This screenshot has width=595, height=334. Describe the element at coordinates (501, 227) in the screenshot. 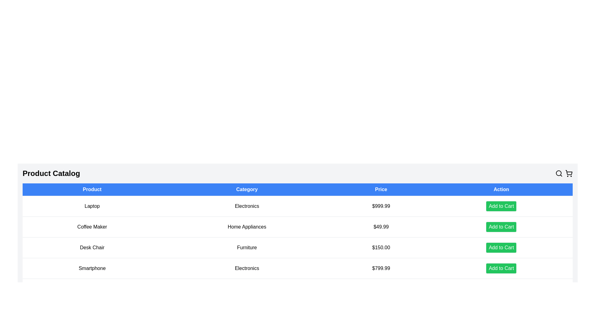

I see `the 'Add to Cart' button for the 'Coffee Maker' product located in the third row of the 'Product Catalog' table` at that location.